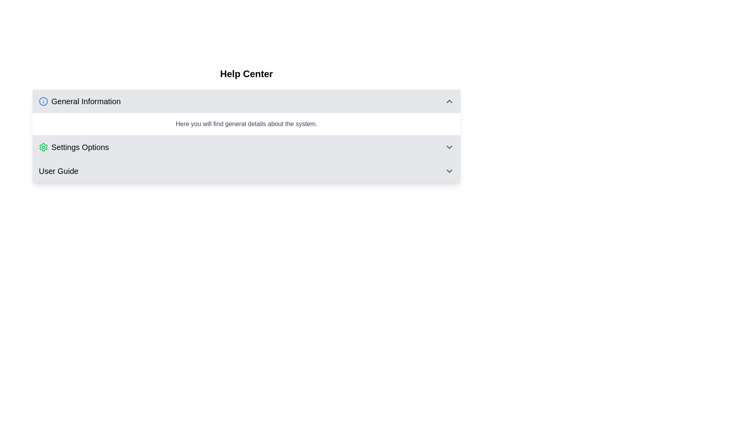 This screenshot has width=753, height=423. I want to click on the Heading text element that serves as a title for the surrounding content, positioned at the top-center of the page, so click(246, 74).